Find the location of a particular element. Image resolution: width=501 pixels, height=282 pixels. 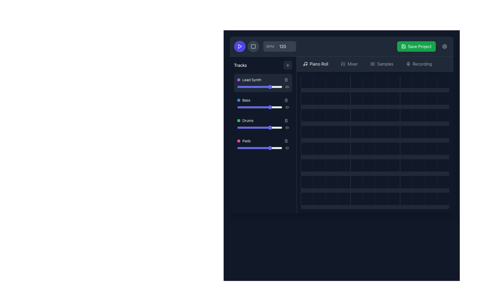

the grid cell located in the last row, eleventh column, which serves as a placeholder or interactive node within the grid is located at coordinates (431, 149).